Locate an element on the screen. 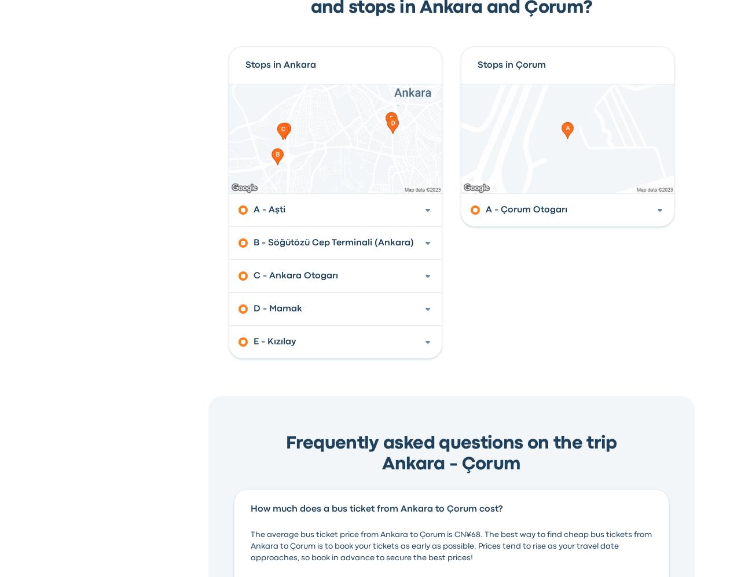 This screenshot has height=577, width=741. 'The average bus ticket price from Ankara to Çorum is CN¥68. The best way to find cheap bus tickets from Ankara to Çorum is to book your tickets as early as possible. Prices tend to rise as your travel date approaches, so book in advance to secure the best prices!' is located at coordinates (450, 545).